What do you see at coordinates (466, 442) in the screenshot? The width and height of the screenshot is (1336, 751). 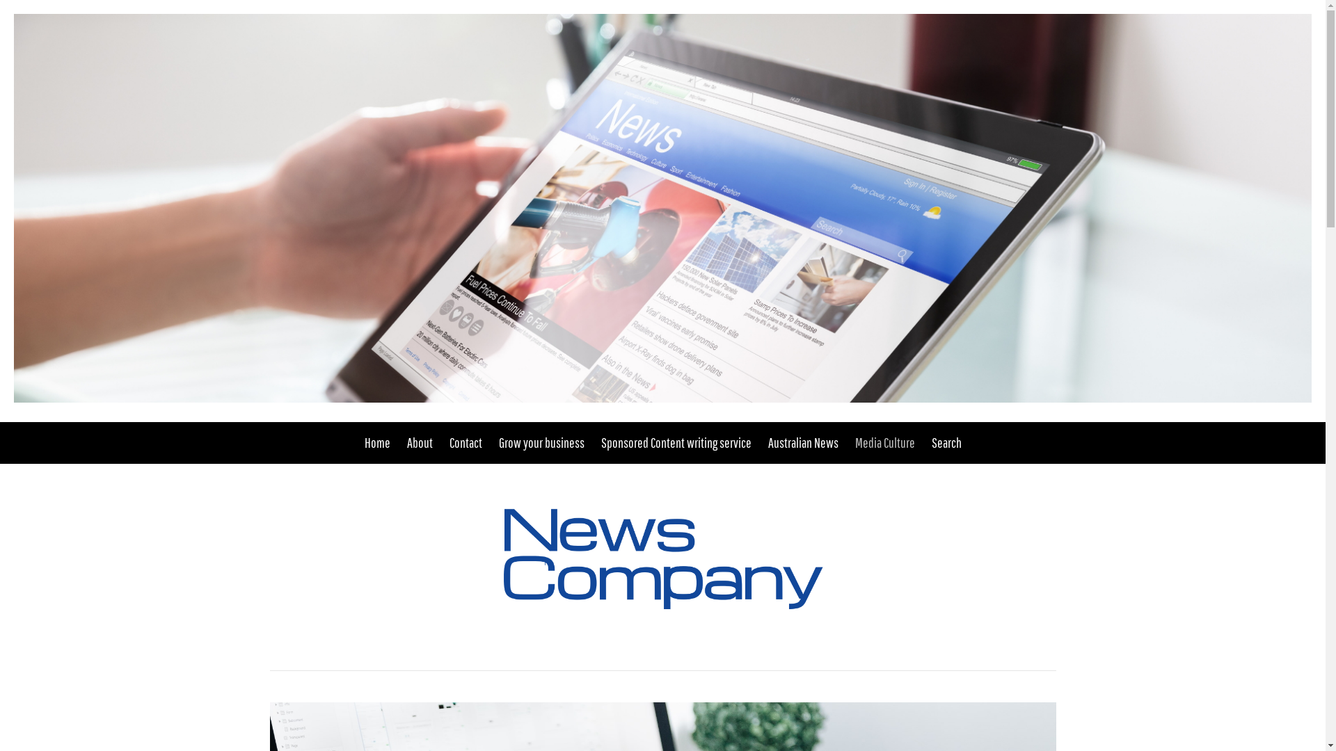 I see `'Contact'` at bounding box center [466, 442].